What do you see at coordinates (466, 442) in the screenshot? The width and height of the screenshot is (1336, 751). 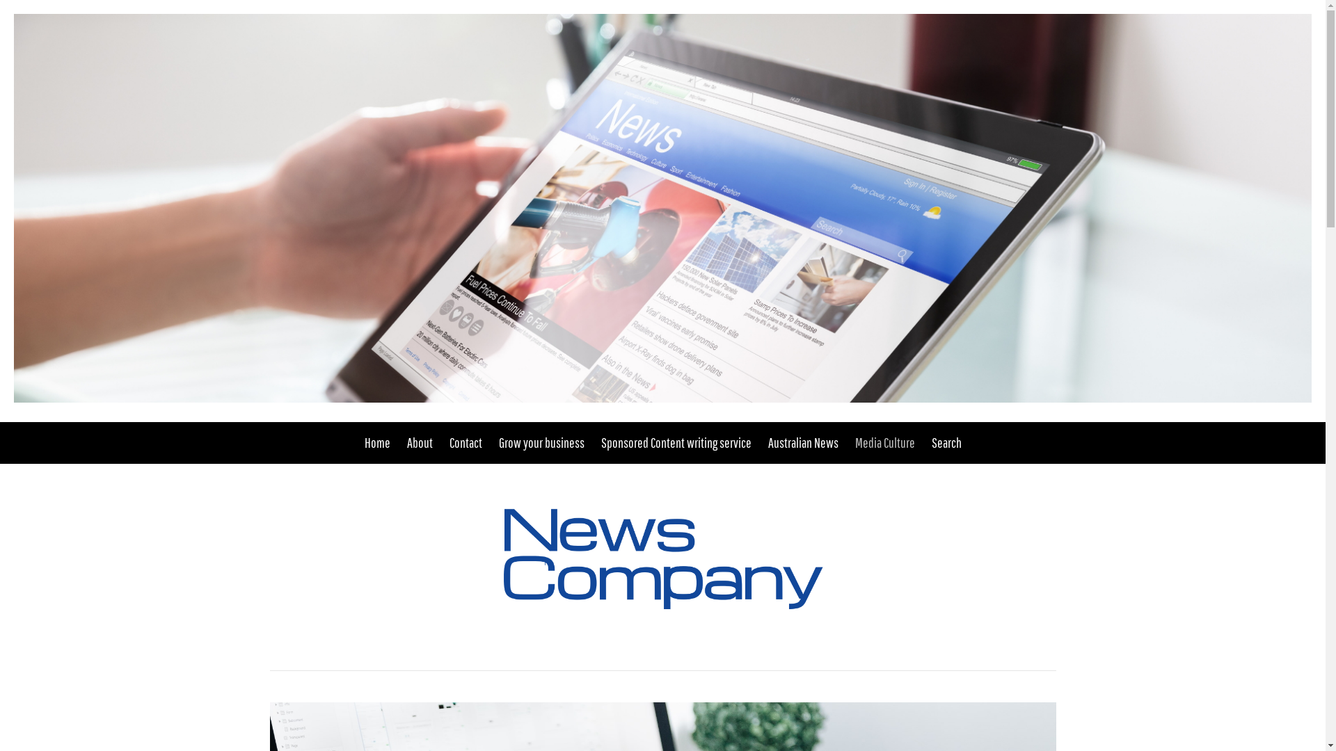 I see `'Contact'` at bounding box center [466, 442].